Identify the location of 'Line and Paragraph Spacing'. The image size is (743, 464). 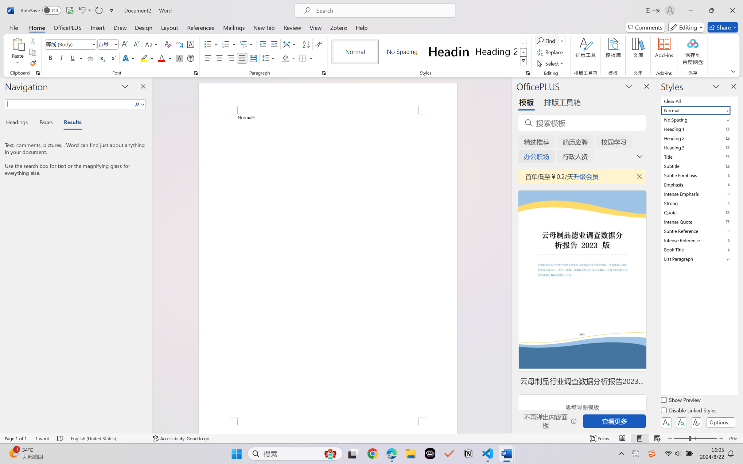
(269, 58).